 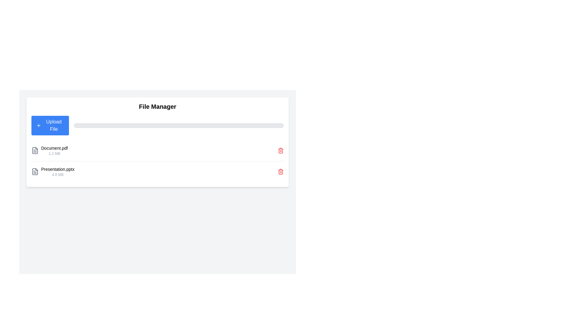 I want to click on the delete button located at the far right of the 'Document.pdf' file entry, so click(x=280, y=151).